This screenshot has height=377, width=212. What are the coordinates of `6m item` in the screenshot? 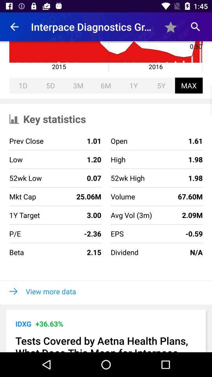 It's located at (106, 85).